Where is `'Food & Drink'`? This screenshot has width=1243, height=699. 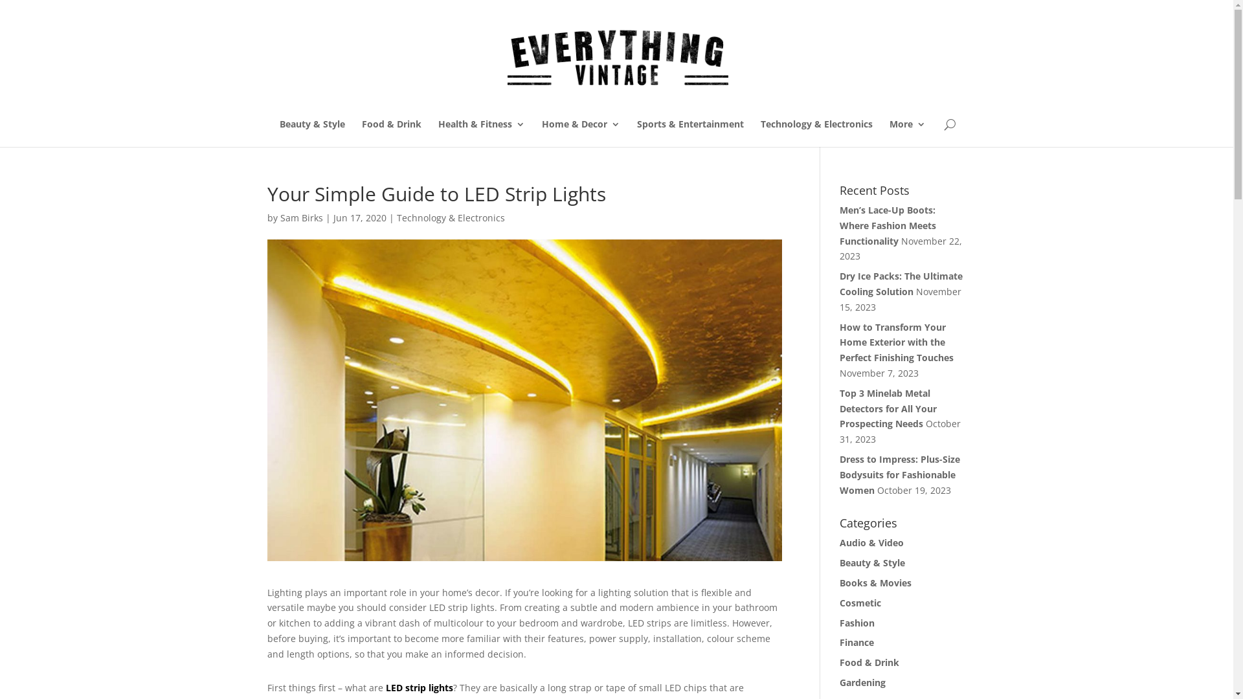
'Food & Drink' is located at coordinates (390, 133).